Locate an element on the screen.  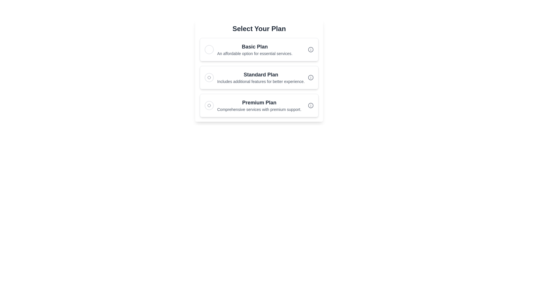
the circular selection indicator is located at coordinates (209, 78).